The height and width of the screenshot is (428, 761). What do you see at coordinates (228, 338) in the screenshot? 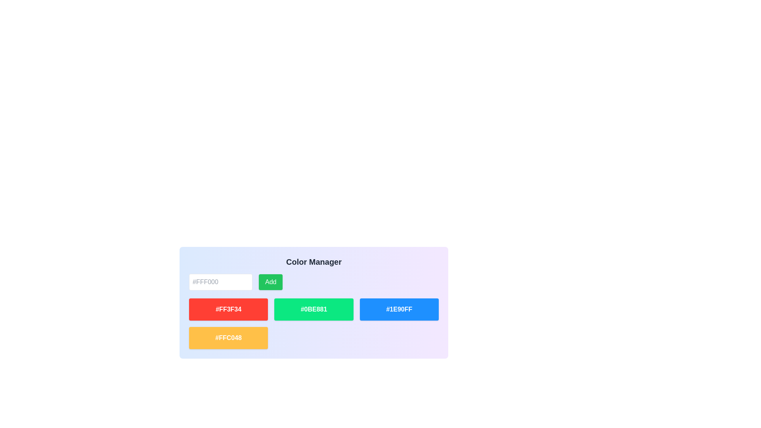
I see `the Color Swatch Block with the vibrant yellow-orange background color (#FFC048) that displays the text '#FFC048', positioned as the fourth block in the grid layout of the Color Manager interface` at bounding box center [228, 338].